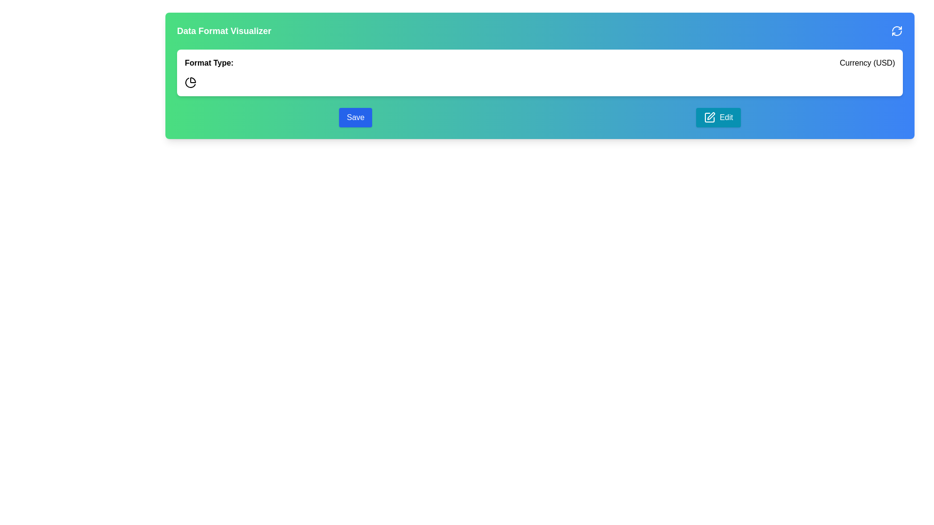 The height and width of the screenshot is (525, 934). What do you see at coordinates (191, 82) in the screenshot?
I see `the SVG pie chart icon located below the 'Format Type:' label, which serves as a navigation element for data visualization` at bounding box center [191, 82].